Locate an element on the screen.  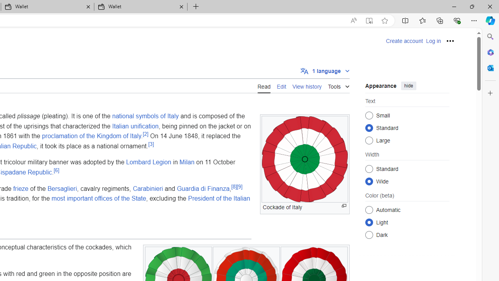
'[2]' is located at coordinates (145, 133).